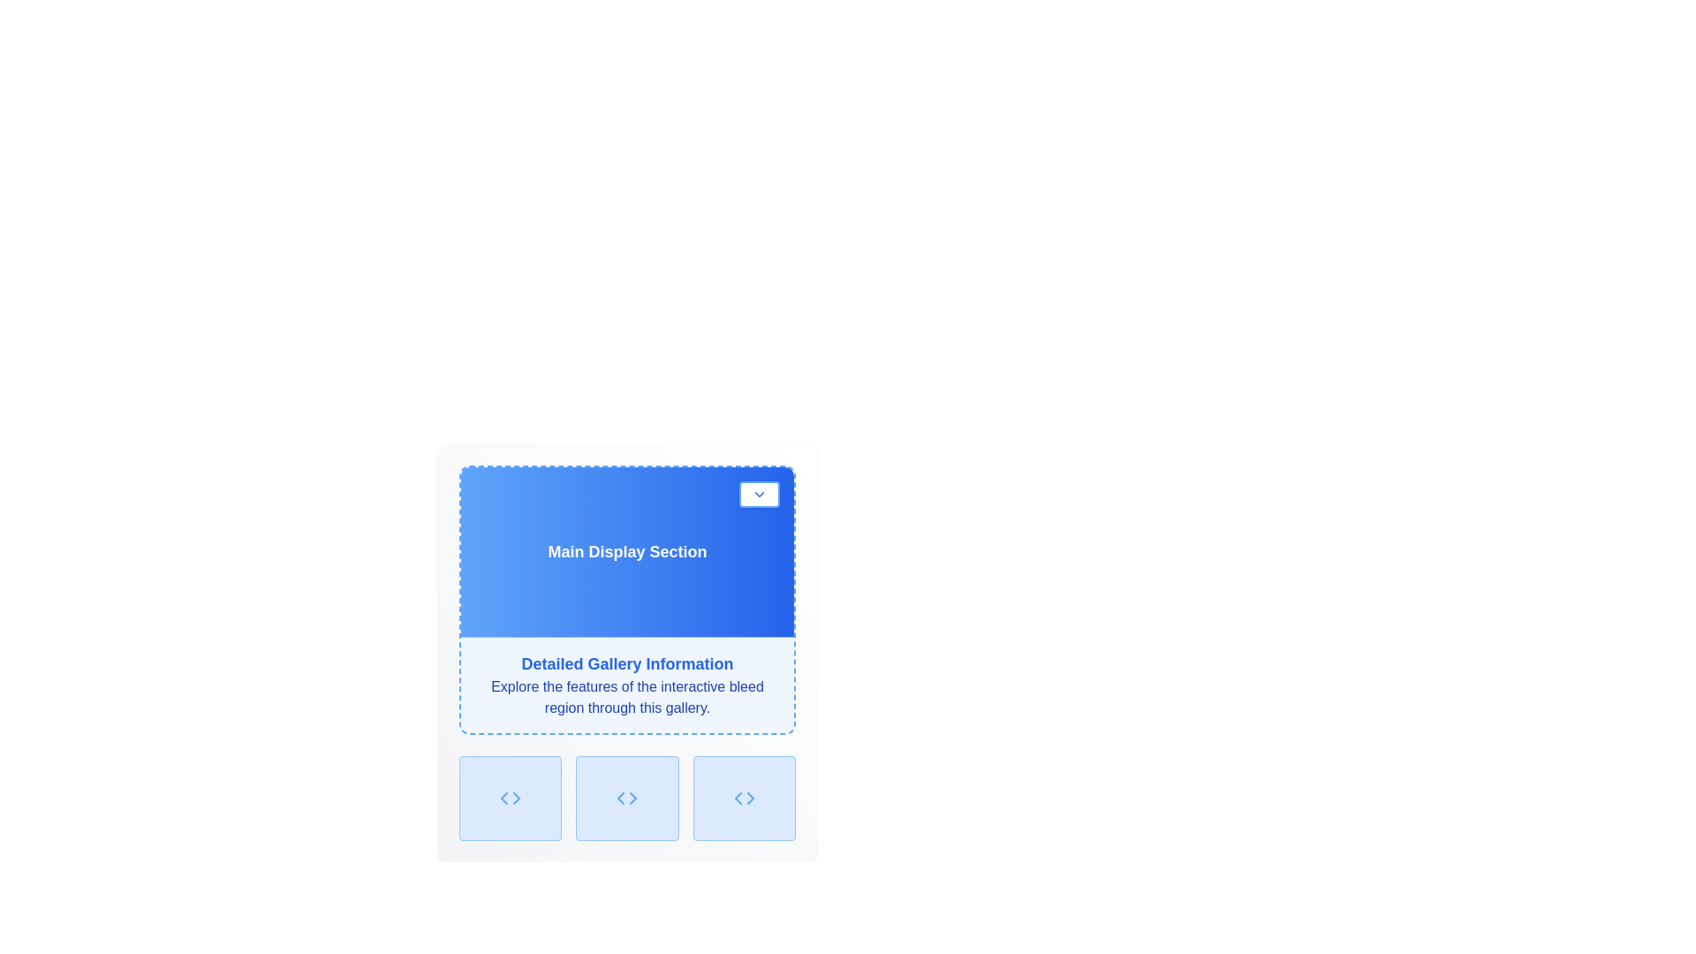 This screenshot has height=954, width=1696. I want to click on the third icon in the horizontal layout at the bottom-right of the panel, which represents a code-related action, so click(744, 798).